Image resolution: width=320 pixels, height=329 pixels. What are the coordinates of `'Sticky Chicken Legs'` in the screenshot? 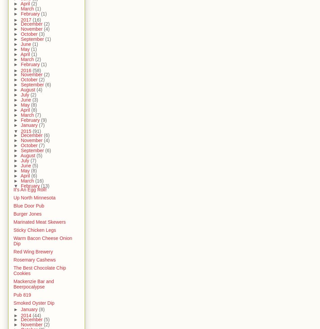 It's located at (14, 230).